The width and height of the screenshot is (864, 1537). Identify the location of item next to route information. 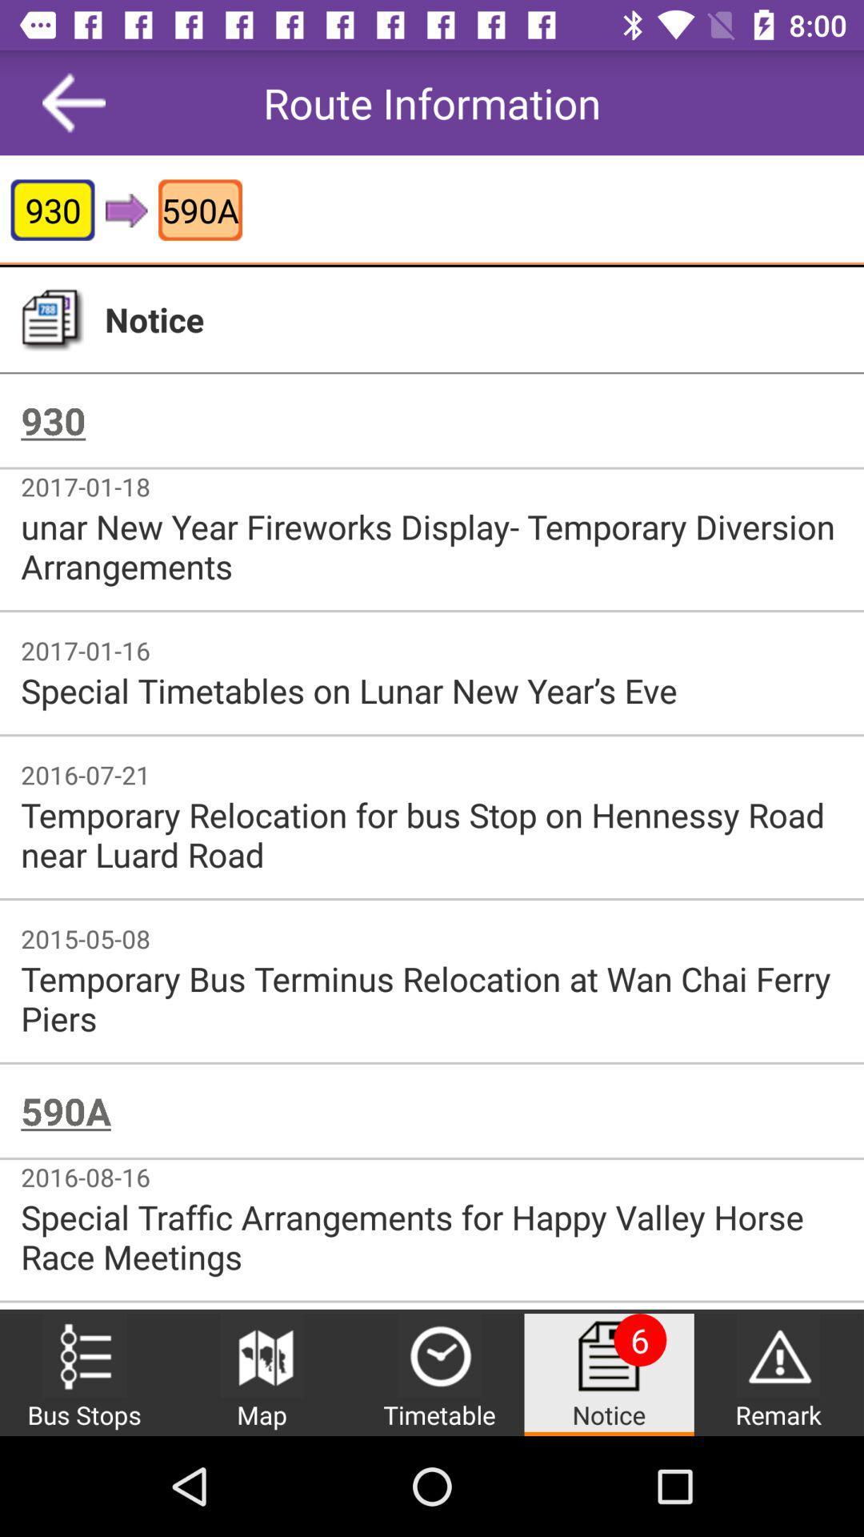
(74, 102).